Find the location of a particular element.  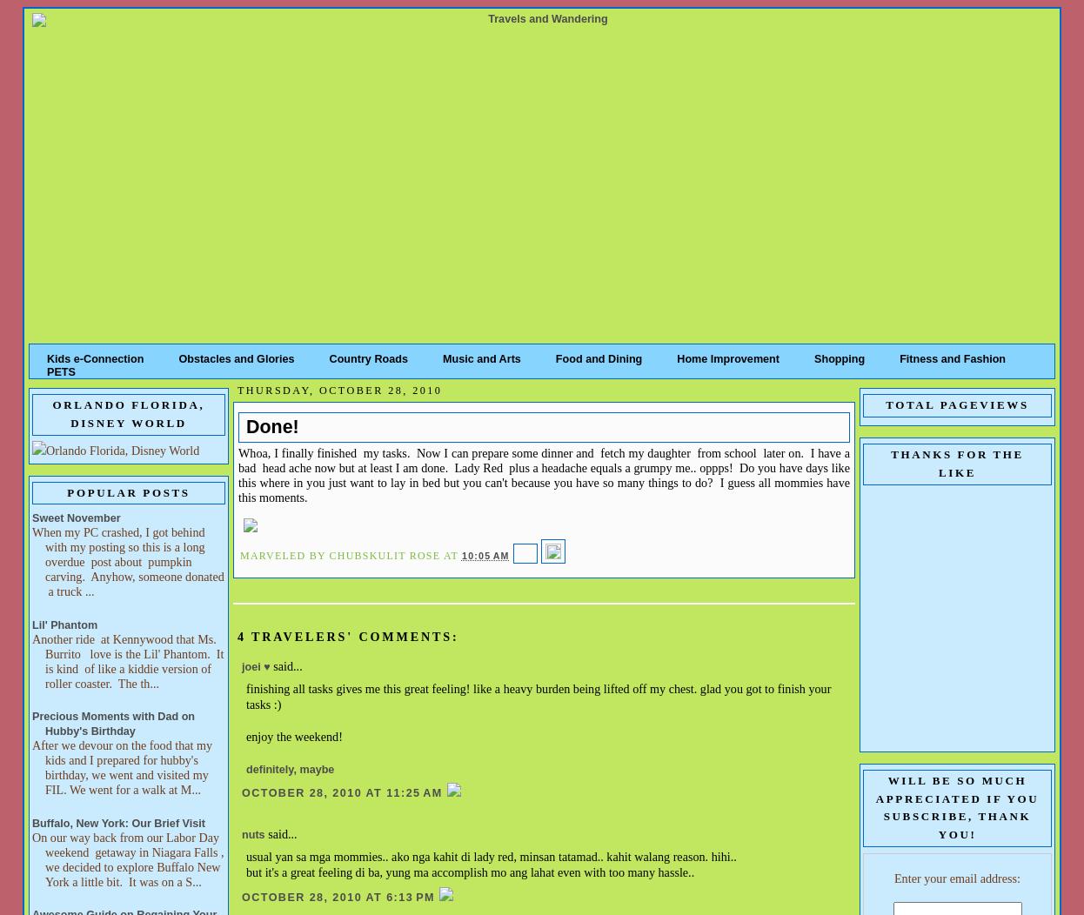

'Enter your email address:' is located at coordinates (955, 877).